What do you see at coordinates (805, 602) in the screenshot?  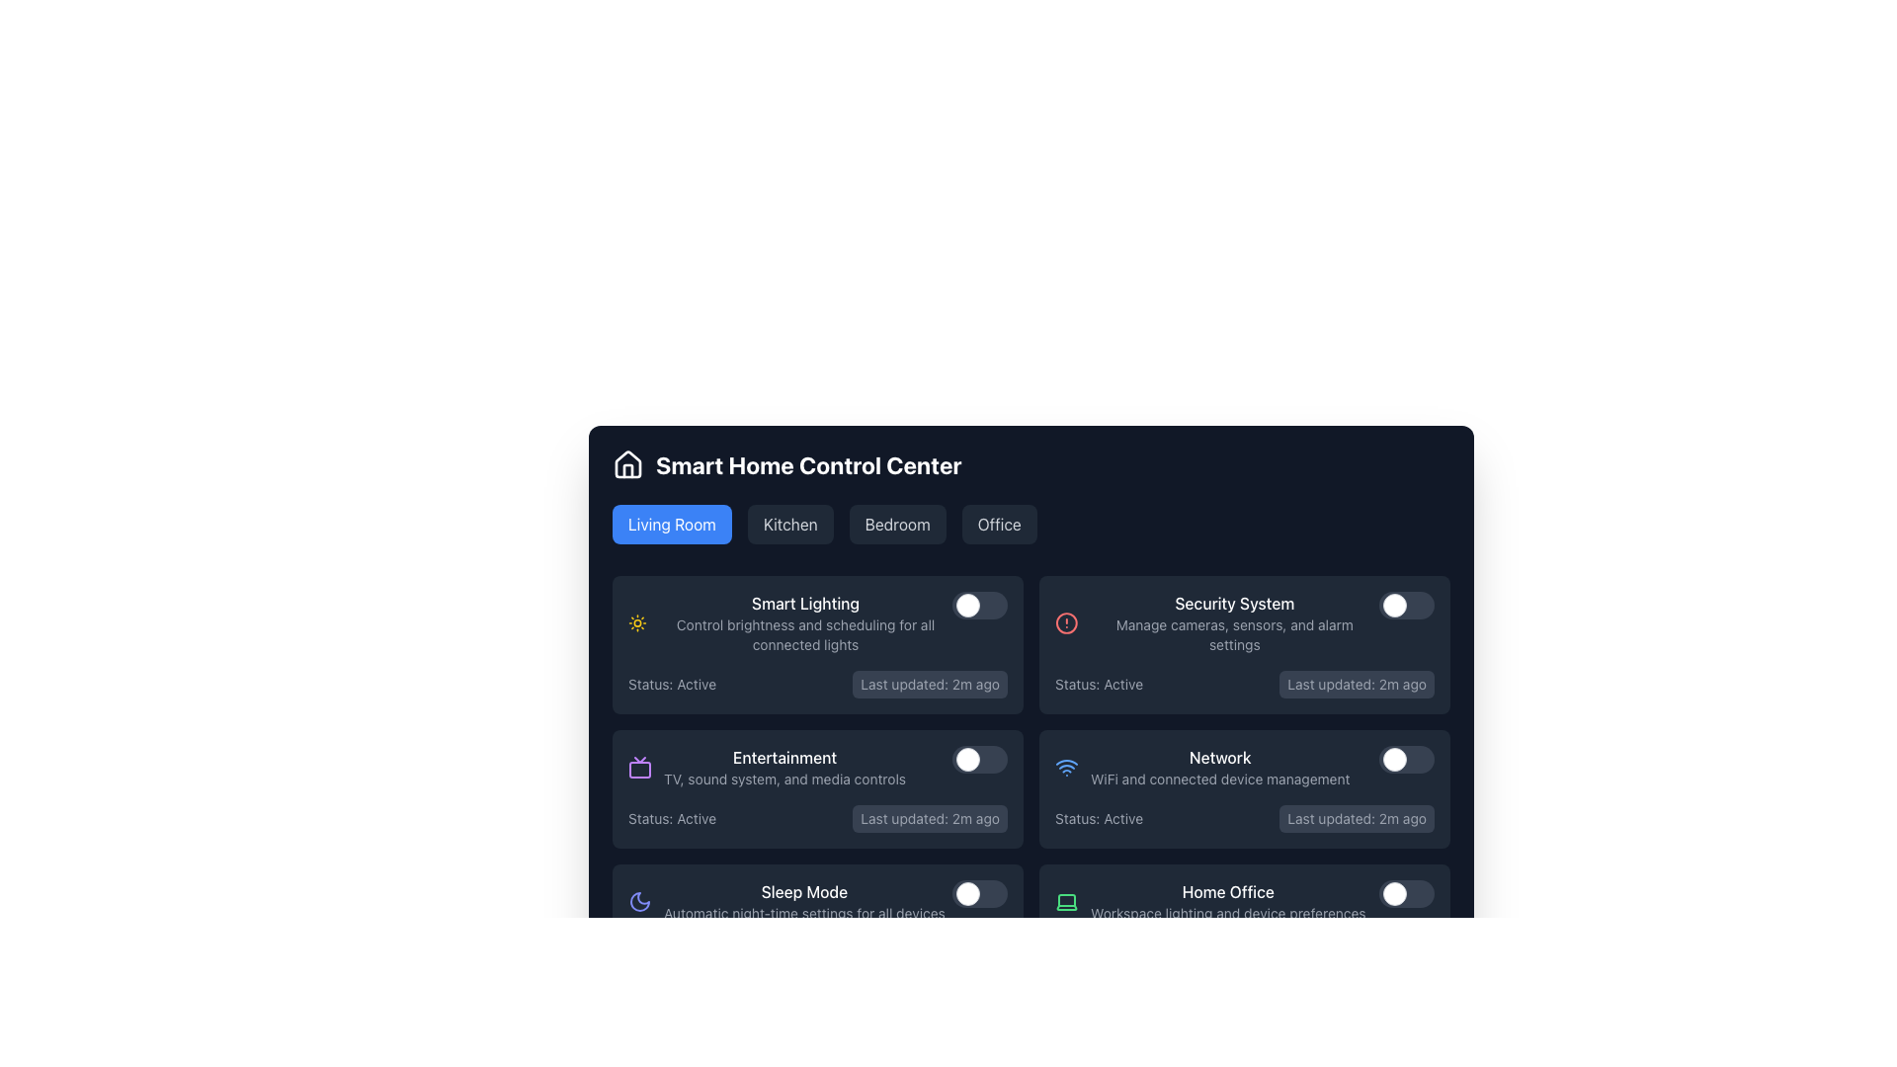 I see `the static text label identifying the controls for smart lighting in the Living Room section` at bounding box center [805, 602].